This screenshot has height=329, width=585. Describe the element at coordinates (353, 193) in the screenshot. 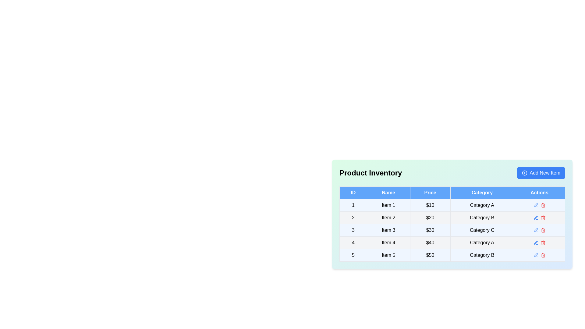

I see `the Table Header Cell labeled 'ID', which is a rectangular button-like component with a blue background and white text, located in the header row of the table` at that location.